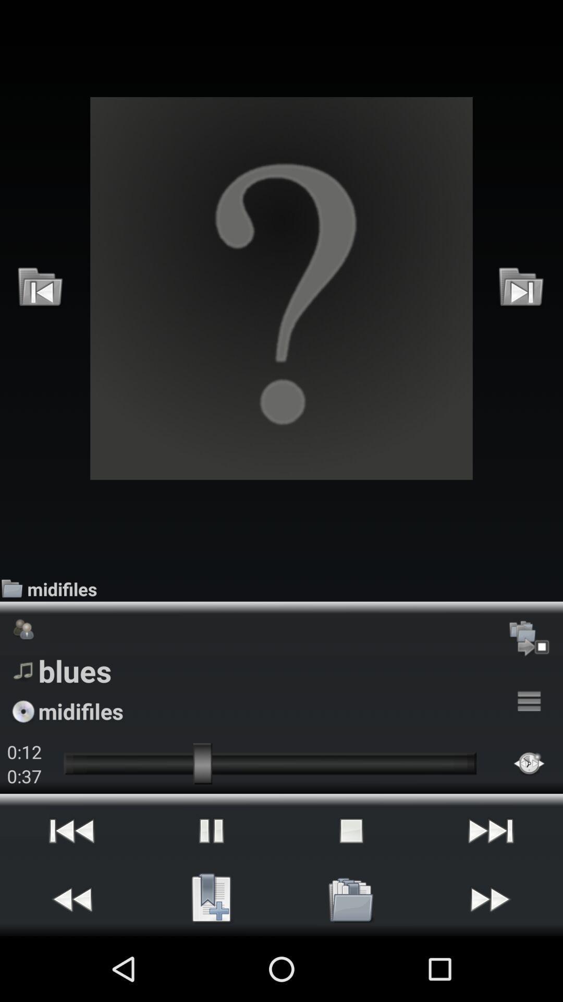  What do you see at coordinates (281, 288) in the screenshot?
I see `item at the top` at bounding box center [281, 288].